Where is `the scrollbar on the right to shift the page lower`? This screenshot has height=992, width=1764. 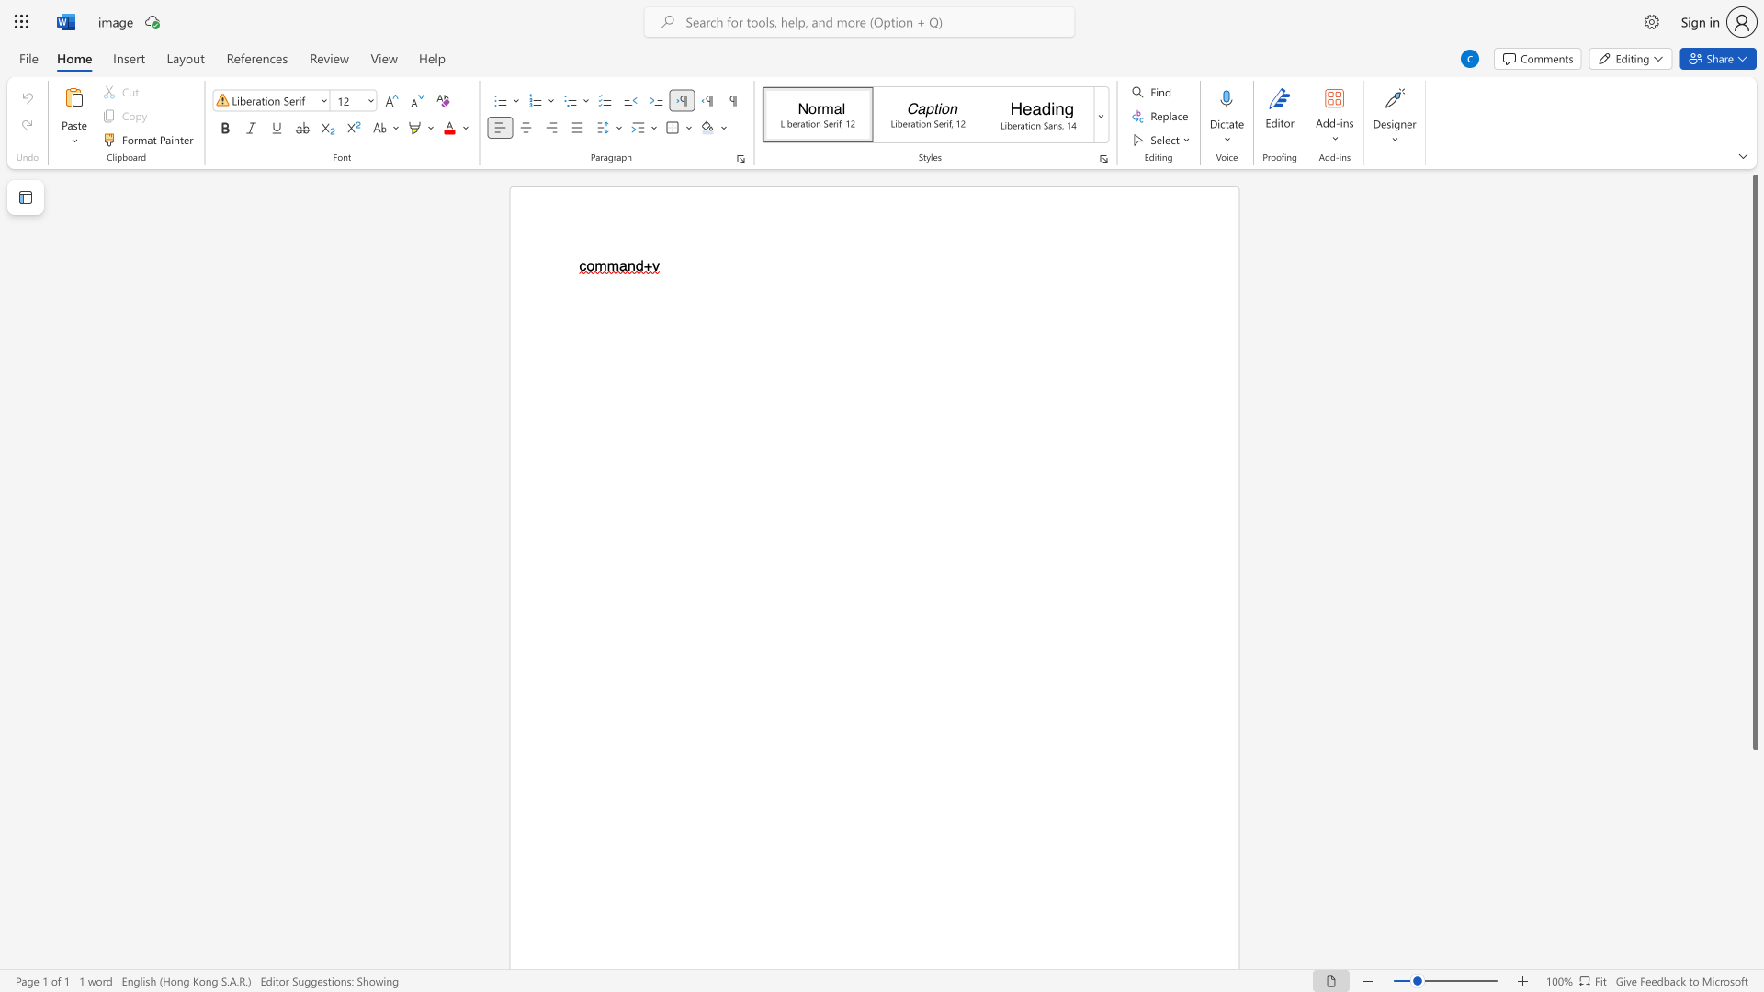 the scrollbar on the right to shift the page lower is located at coordinates (1754, 928).